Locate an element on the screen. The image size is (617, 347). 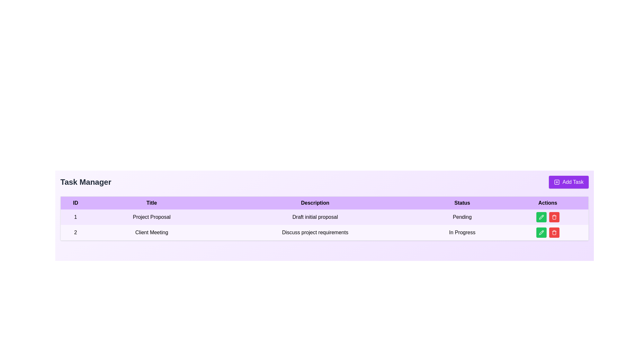
the static text element displaying the number '1' in the ID column of the first row of the table is located at coordinates (76, 217).